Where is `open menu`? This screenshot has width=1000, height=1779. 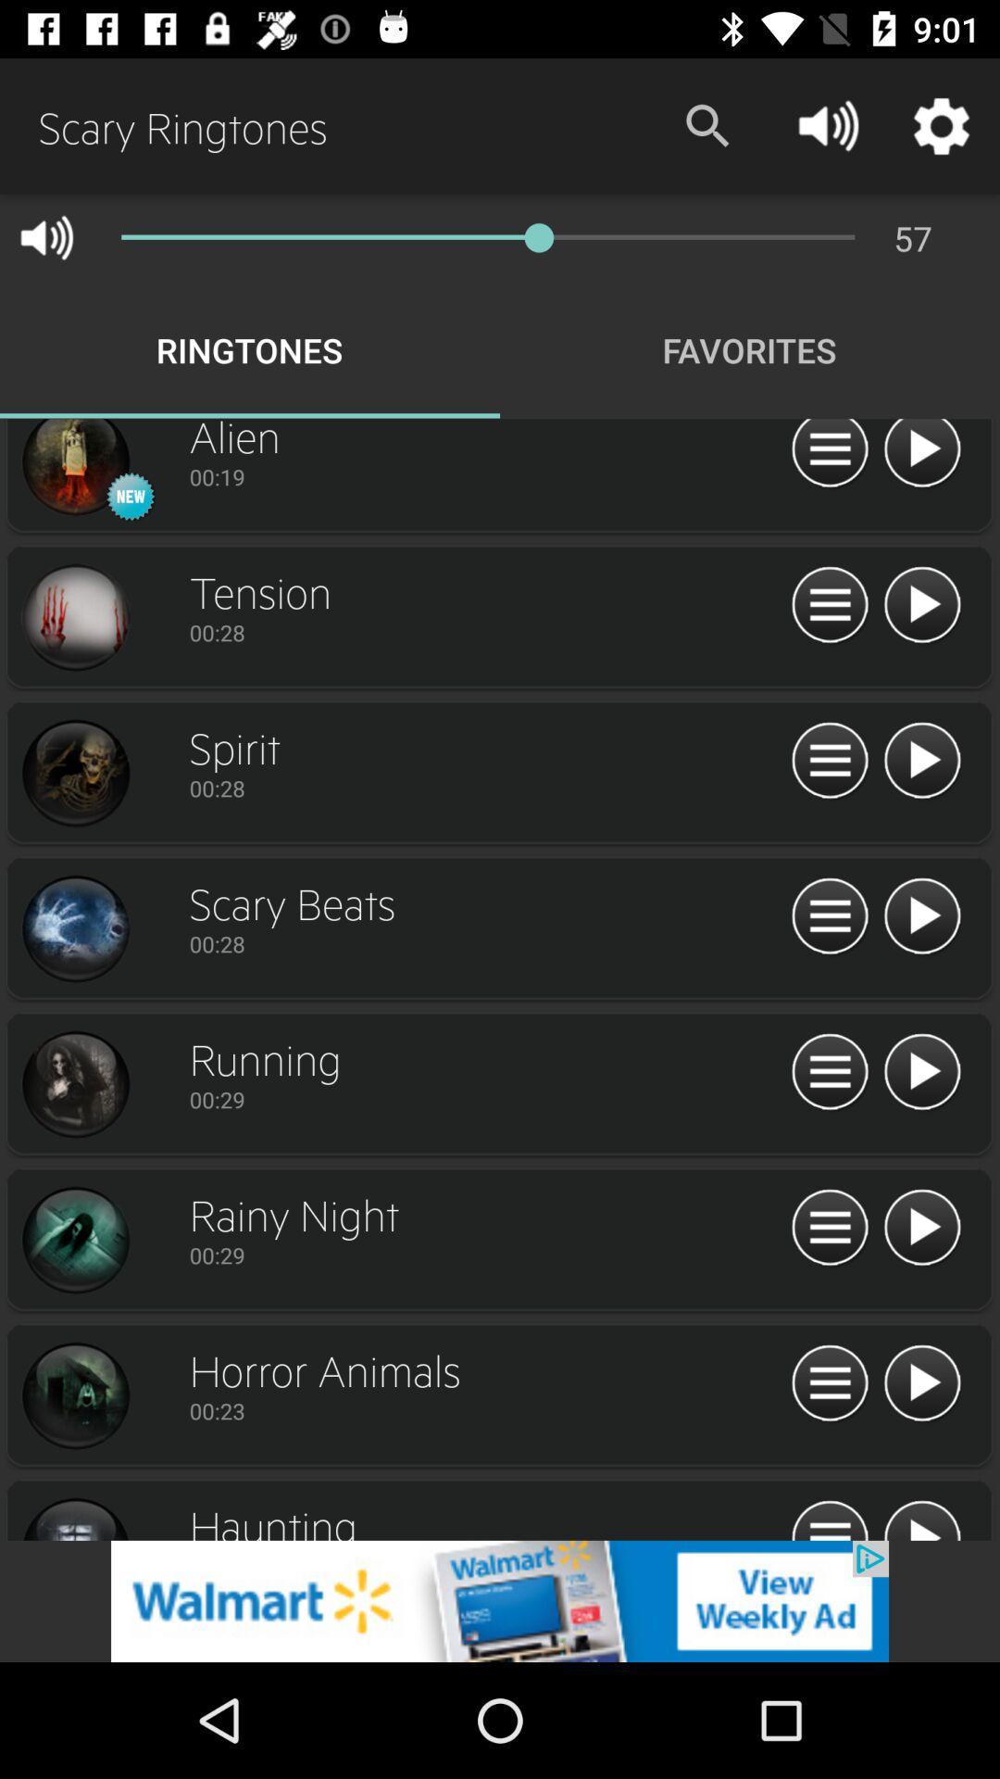 open menu is located at coordinates (829, 1228).